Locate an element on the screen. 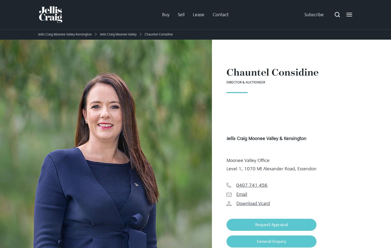  'Director & Auctioneer' is located at coordinates (246, 82).